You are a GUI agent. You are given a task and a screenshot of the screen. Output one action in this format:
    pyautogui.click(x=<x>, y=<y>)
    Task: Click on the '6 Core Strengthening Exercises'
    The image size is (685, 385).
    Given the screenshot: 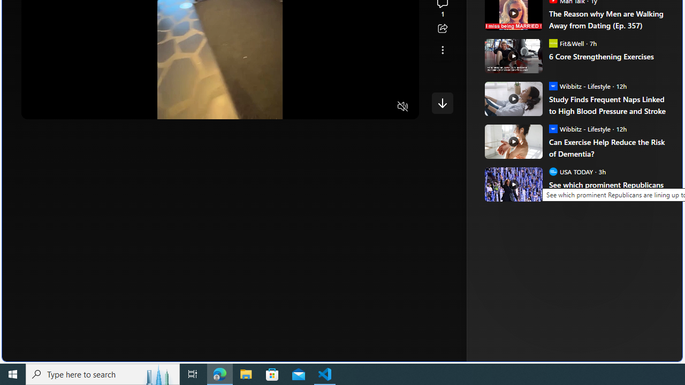 What is the action you would take?
    pyautogui.click(x=608, y=56)
    